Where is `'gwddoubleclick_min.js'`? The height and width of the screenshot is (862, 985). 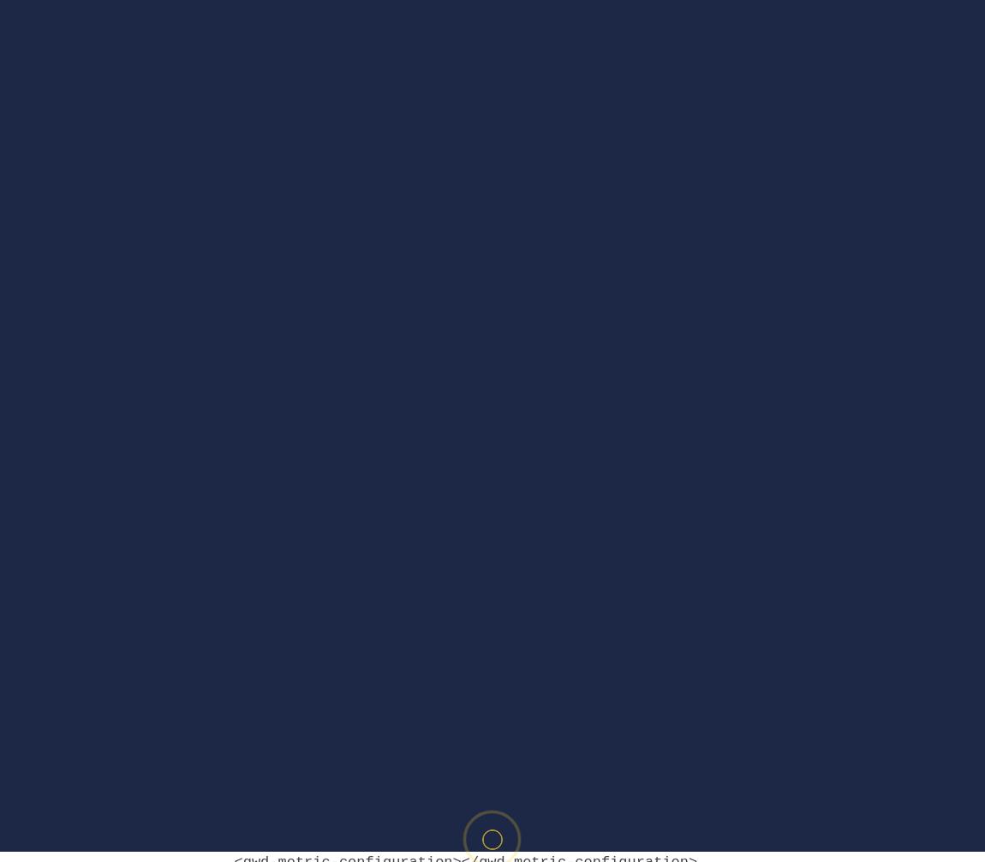
'gwddoubleclick_min.js' is located at coordinates (367, 254).